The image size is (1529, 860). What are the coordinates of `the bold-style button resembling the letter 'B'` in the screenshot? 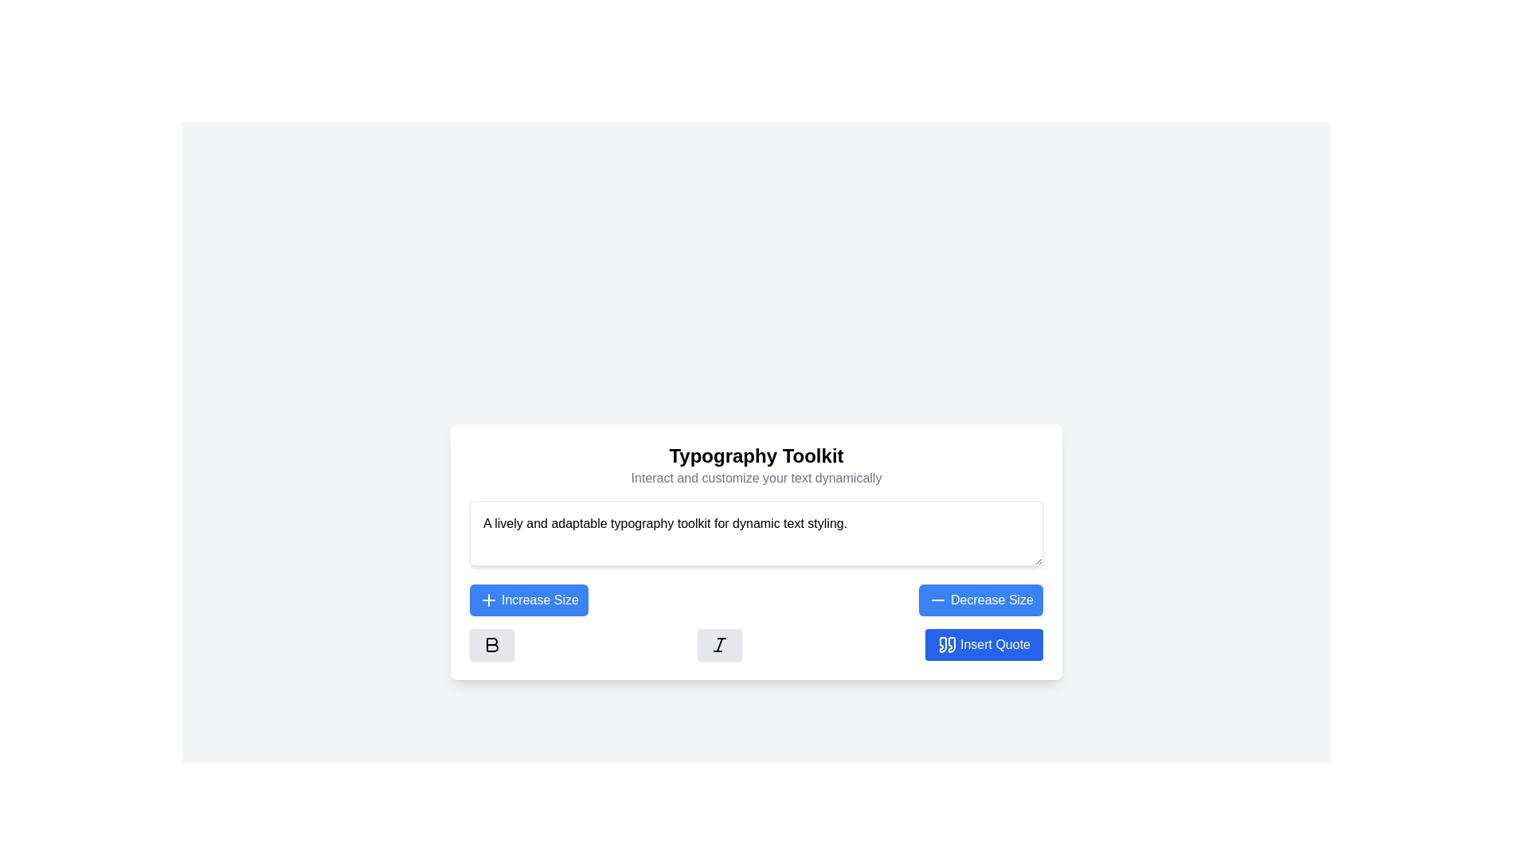 It's located at (491, 643).